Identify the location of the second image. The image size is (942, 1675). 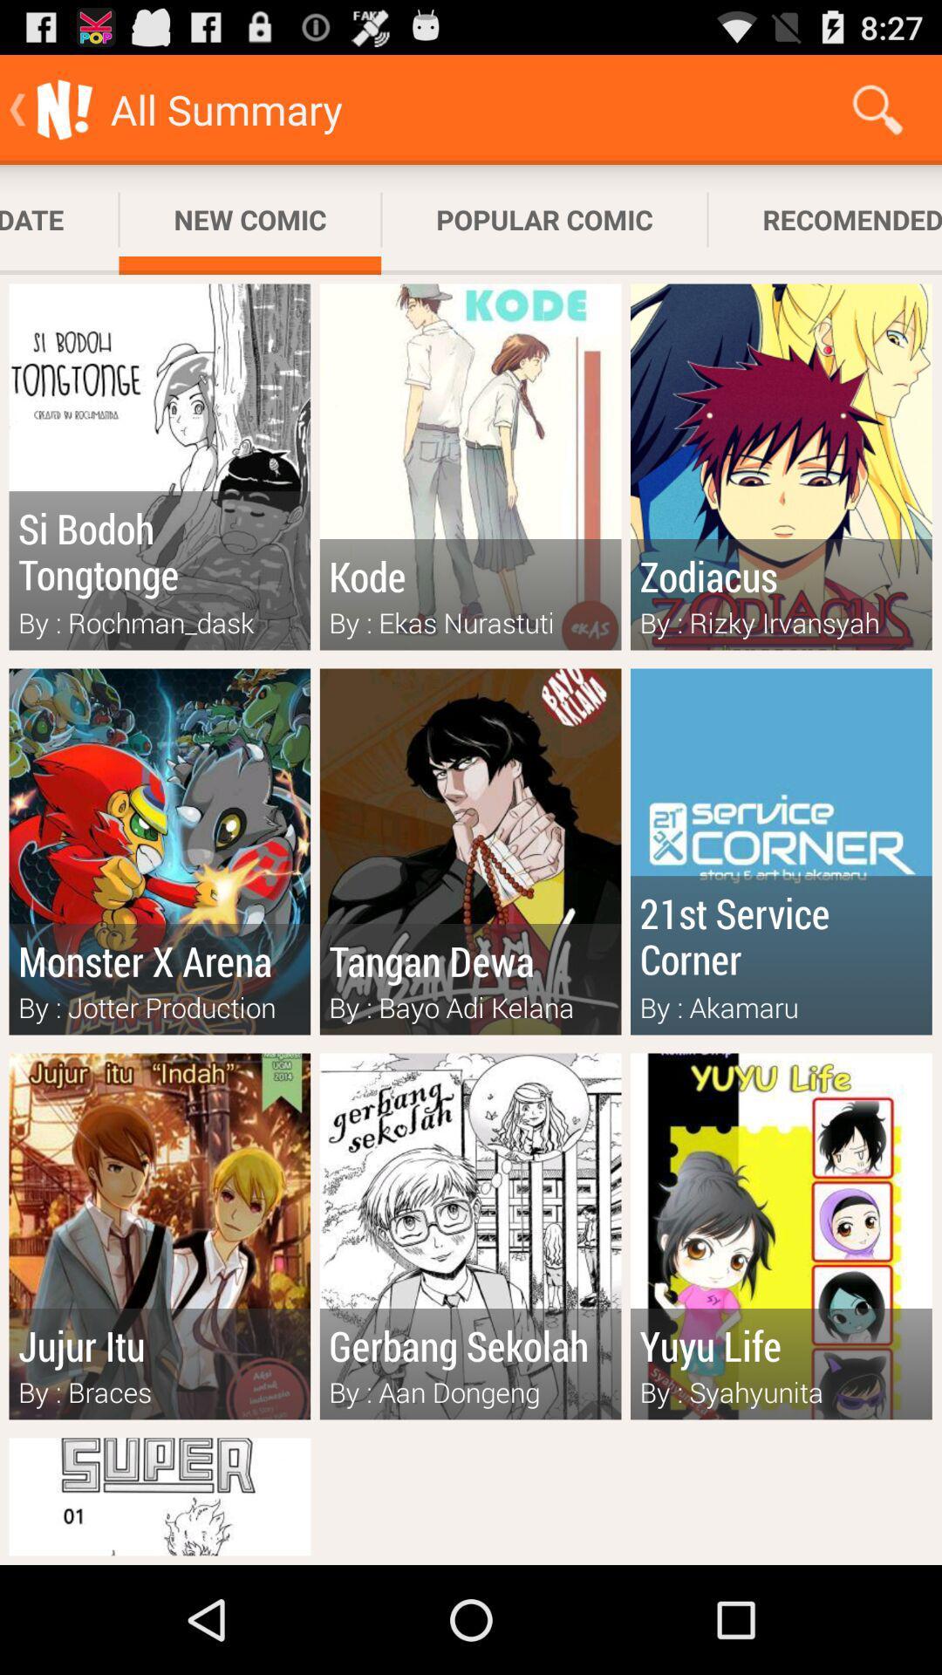
(471, 468).